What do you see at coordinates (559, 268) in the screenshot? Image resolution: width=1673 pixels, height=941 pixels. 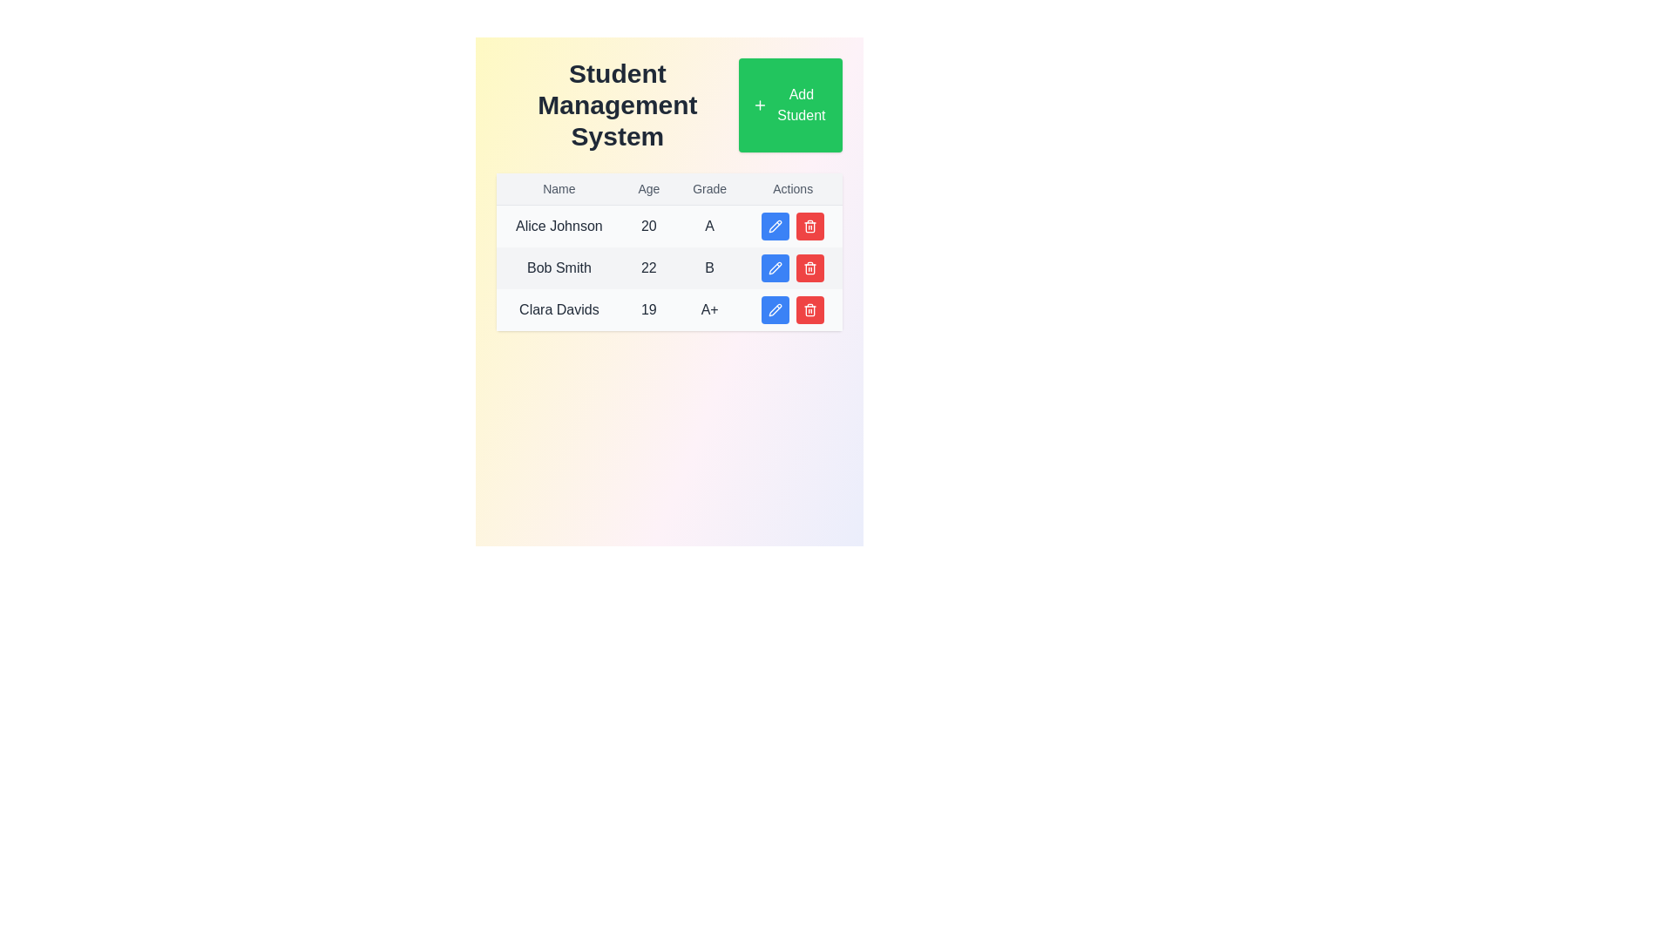 I see `the static text label displaying 'Bob Smith' in dark gray text, located in the second row of the table under the 'Name' column` at bounding box center [559, 268].